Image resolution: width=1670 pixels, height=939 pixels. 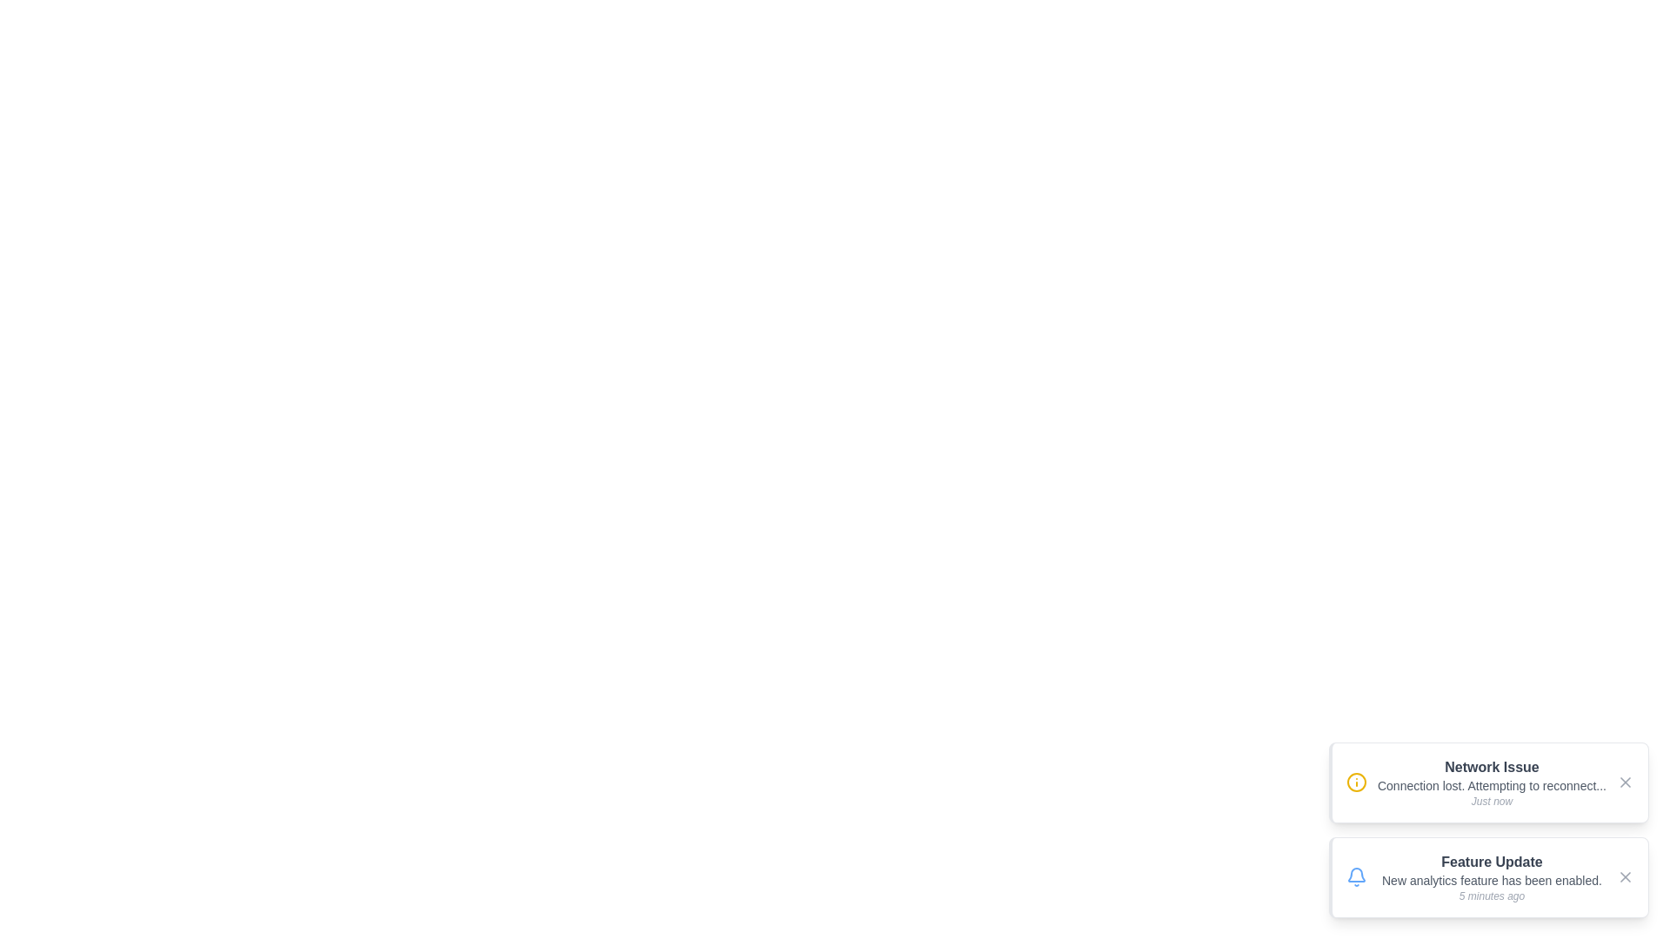 What do you see at coordinates (1488, 782) in the screenshot?
I see `the notification to view its details. The parameter 1 specifies which notification to interact with` at bounding box center [1488, 782].